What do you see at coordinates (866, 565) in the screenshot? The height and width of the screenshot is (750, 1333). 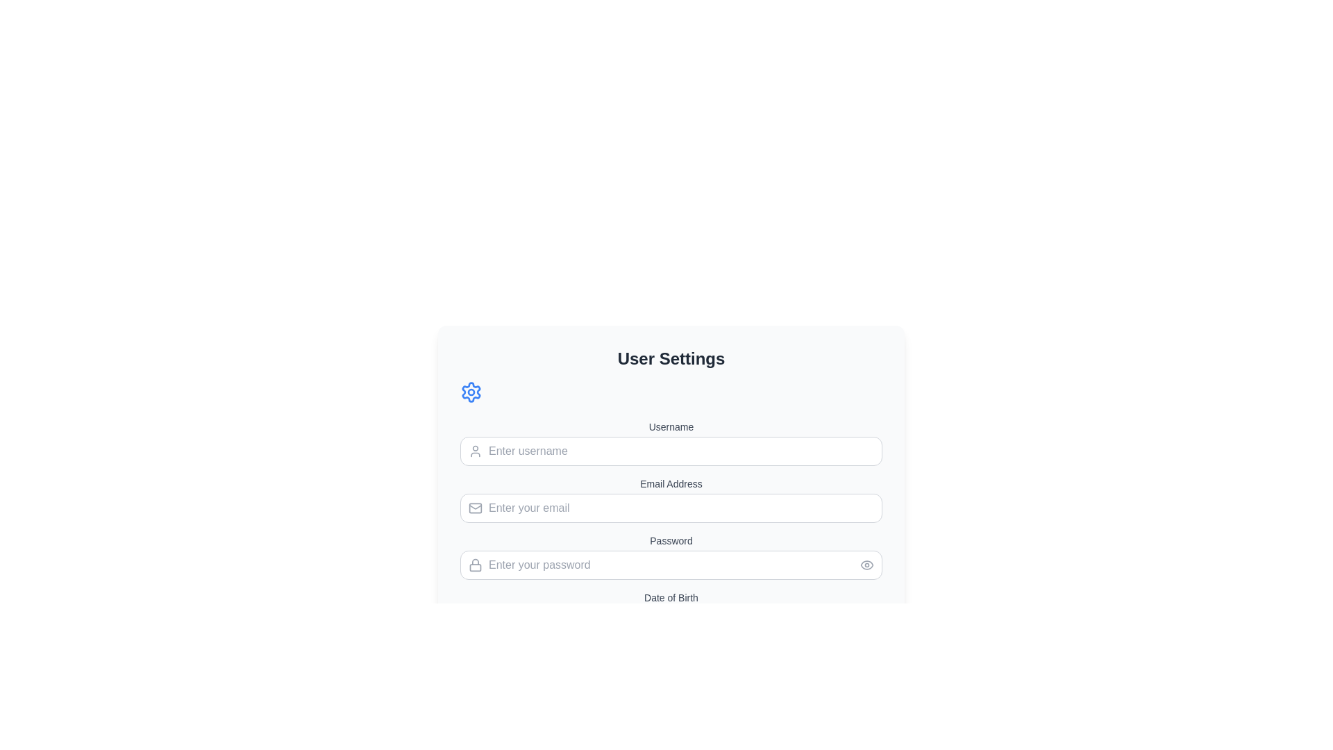 I see `the first component of the eye icon located to the right of the 'Password' input field in the 'User Settings' form` at bounding box center [866, 565].